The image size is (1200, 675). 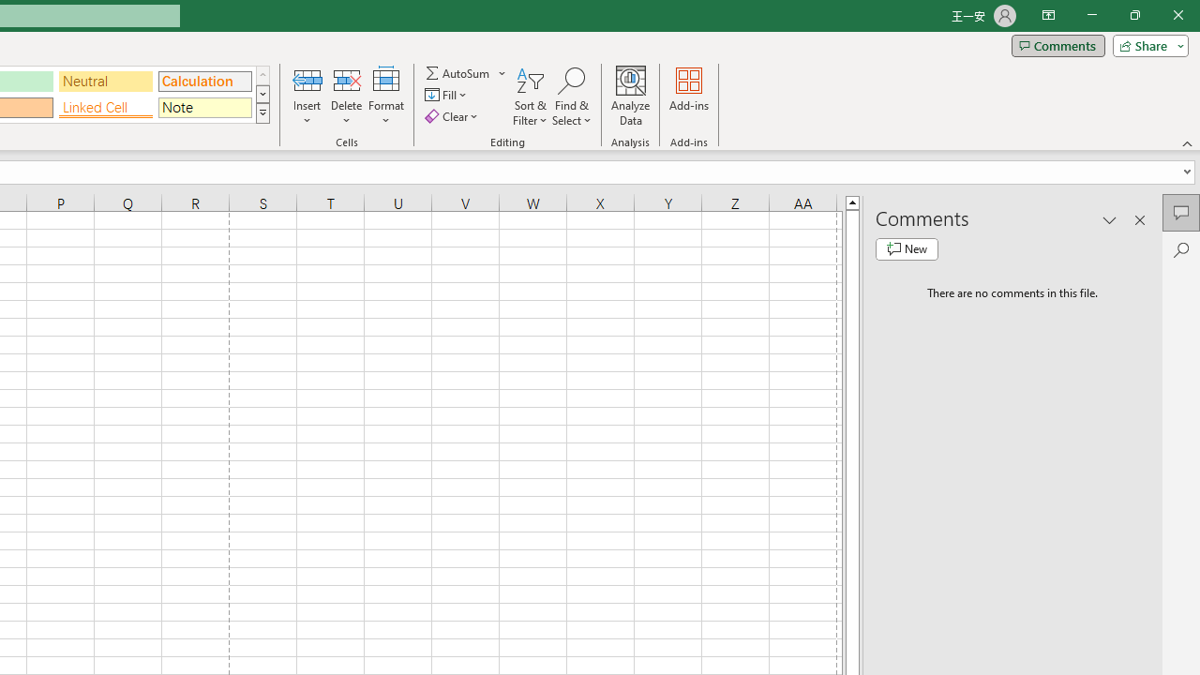 I want to click on 'Note', so click(x=204, y=107).